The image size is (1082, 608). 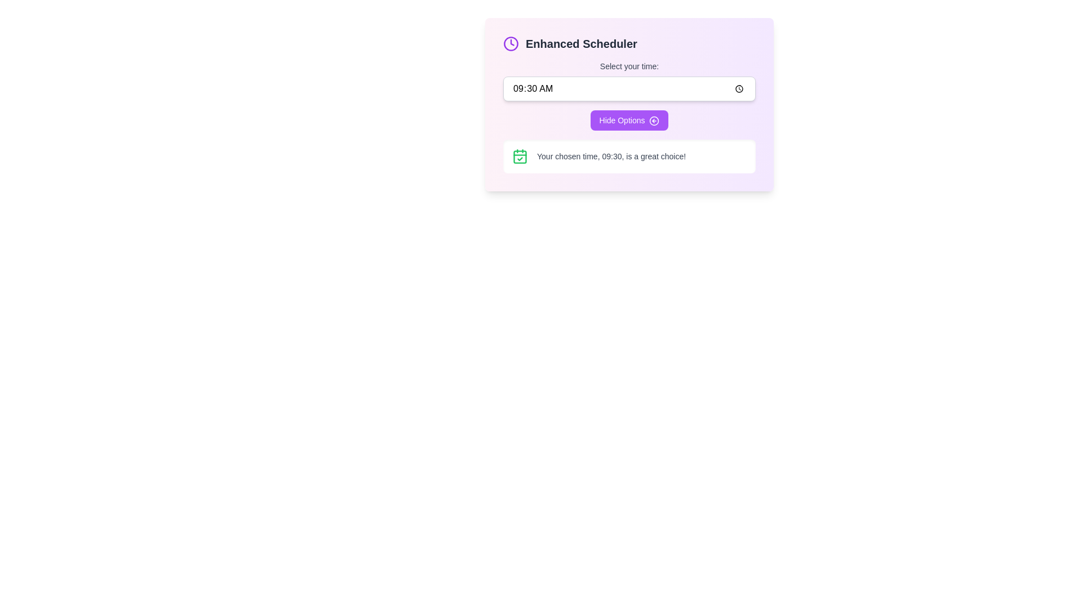 I want to click on the bold textual heading labeled 'Enhanced Scheduler', which is styled with a large font size in dark gray color on a light purple background, located in the top-left corner of the interactive card-like UI structure, so click(x=582, y=43).